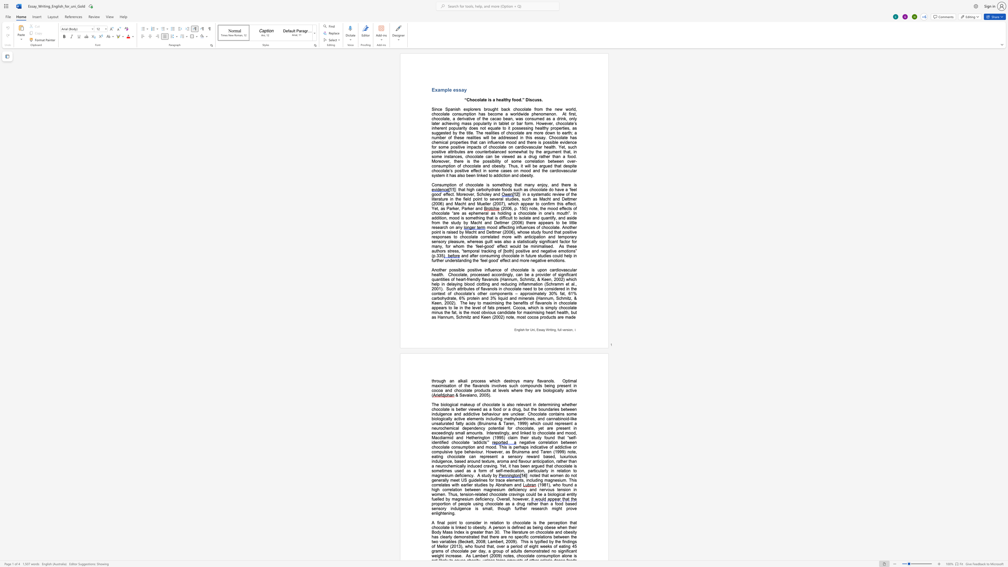 Image resolution: width=1008 pixels, height=567 pixels. What do you see at coordinates (521, 446) in the screenshot?
I see `the space between the continuous character "h" and "a" in the text` at bounding box center [521, 446].